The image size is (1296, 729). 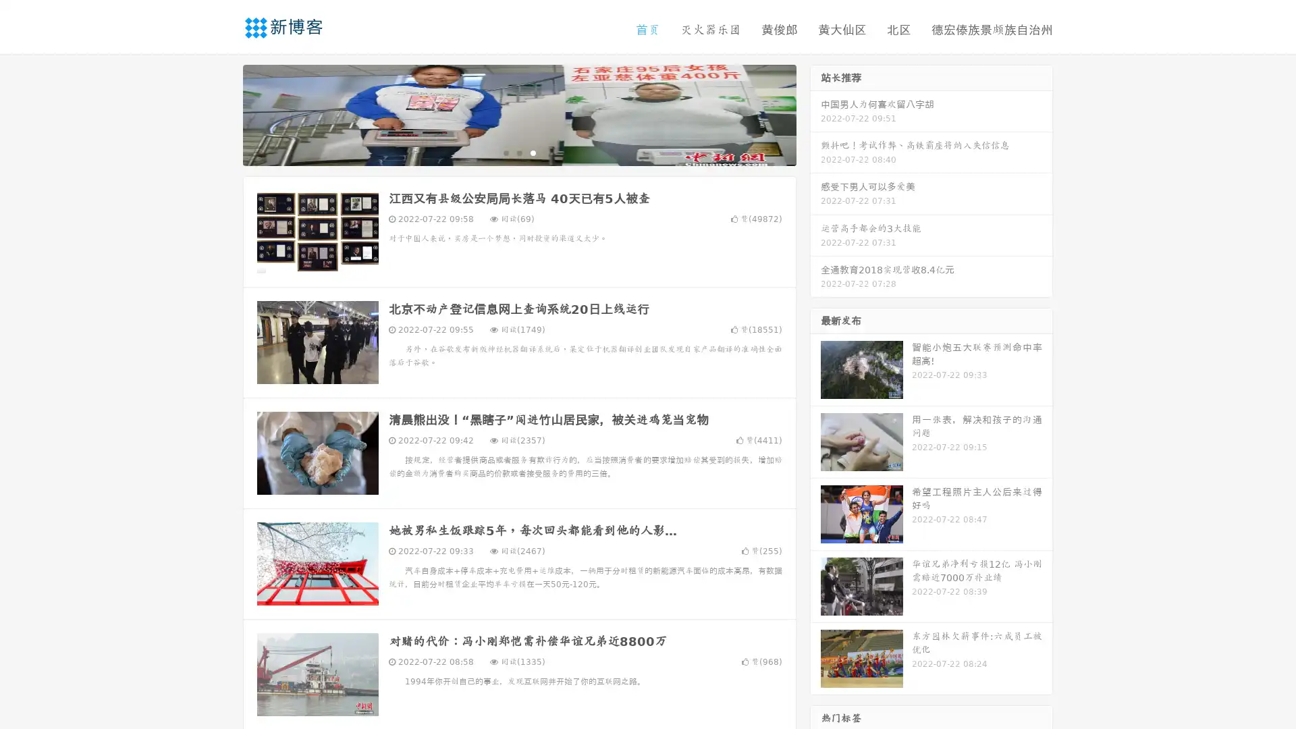 What do you see at coordinates (533, 152) in the screenshot?
I see `Go to slide 3` at bounding box center [533, 152].